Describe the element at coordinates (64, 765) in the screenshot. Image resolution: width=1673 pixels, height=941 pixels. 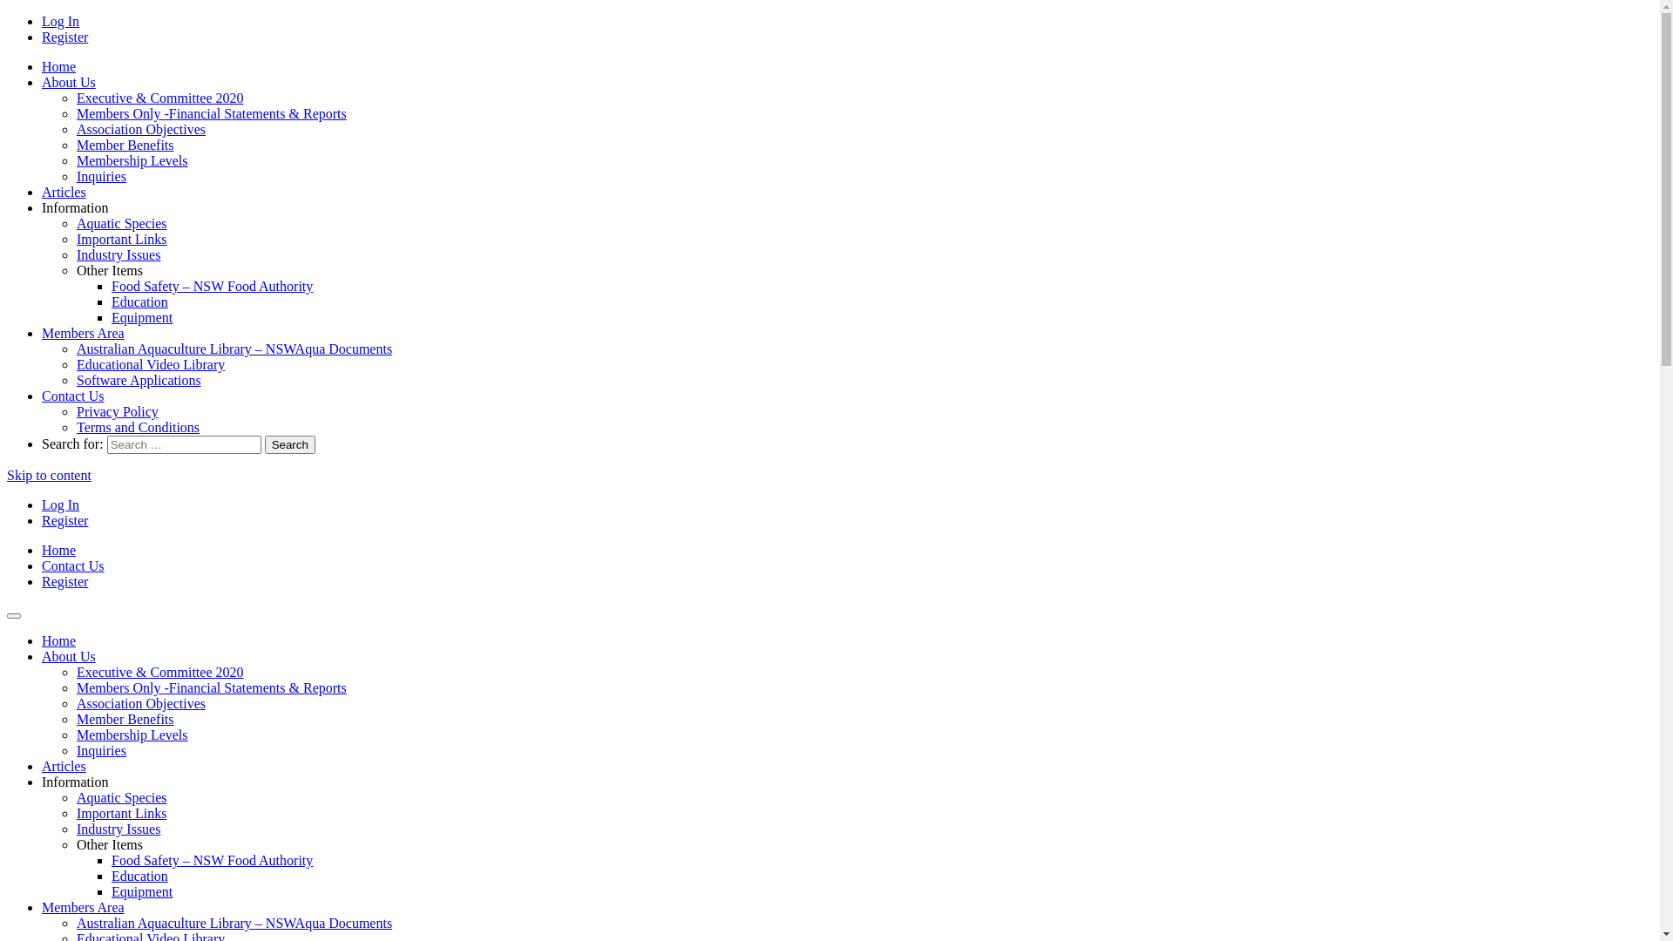
I see `'Articles'` at that location.